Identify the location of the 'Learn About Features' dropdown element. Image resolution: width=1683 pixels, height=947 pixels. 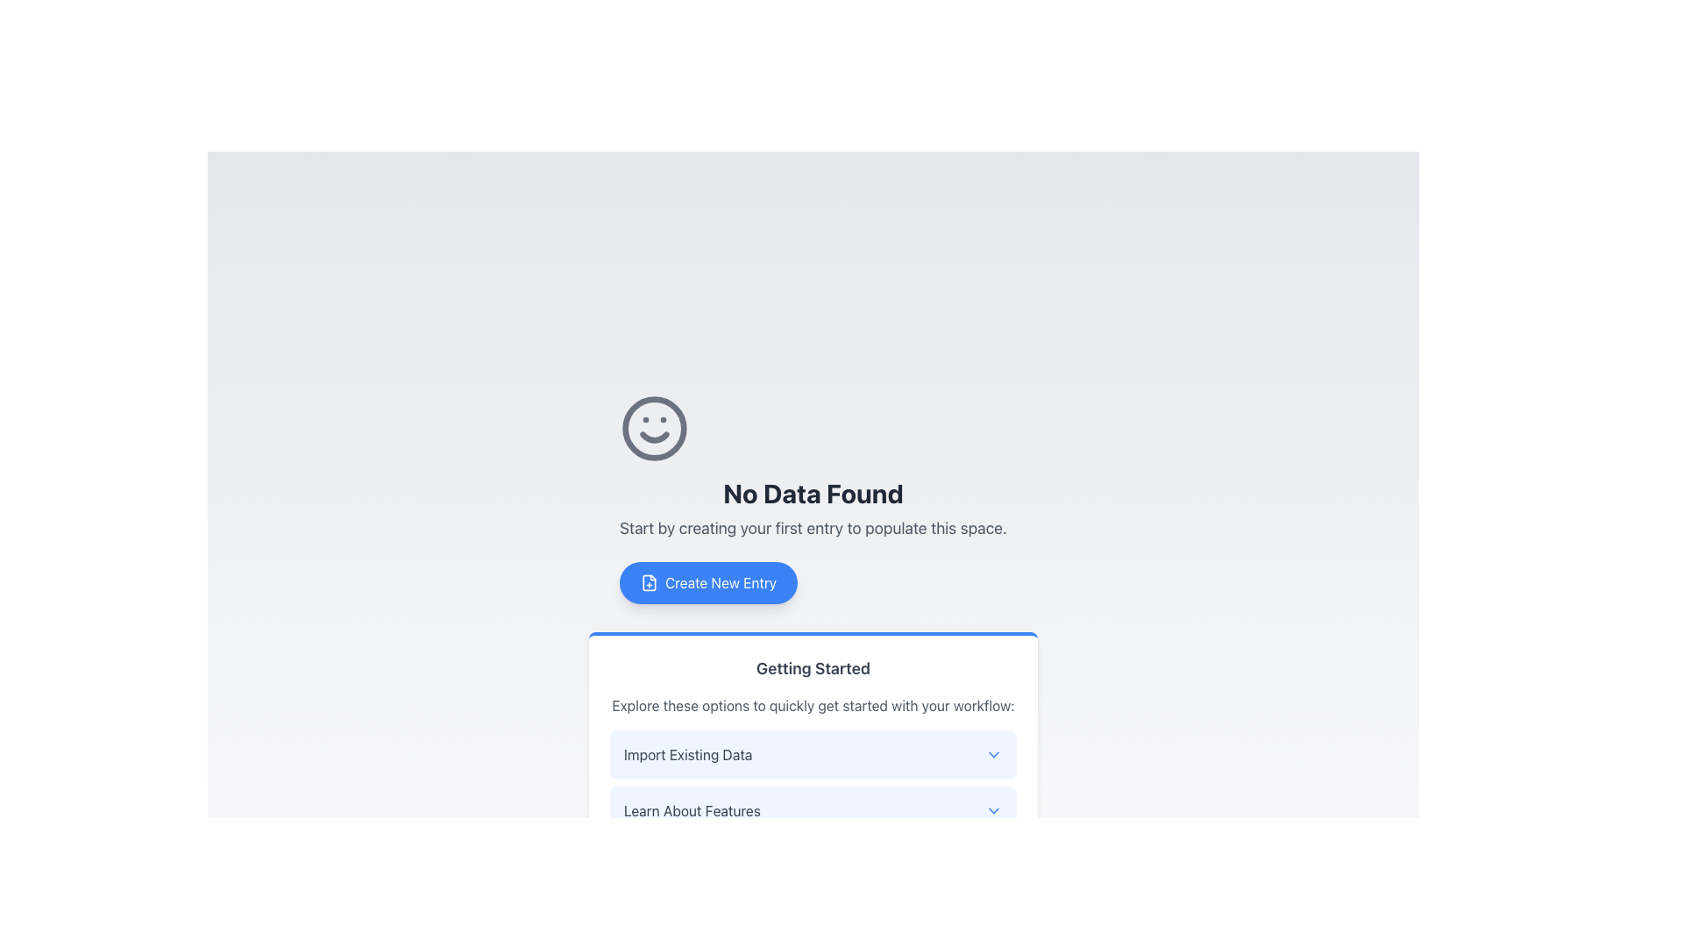
(812, 811).